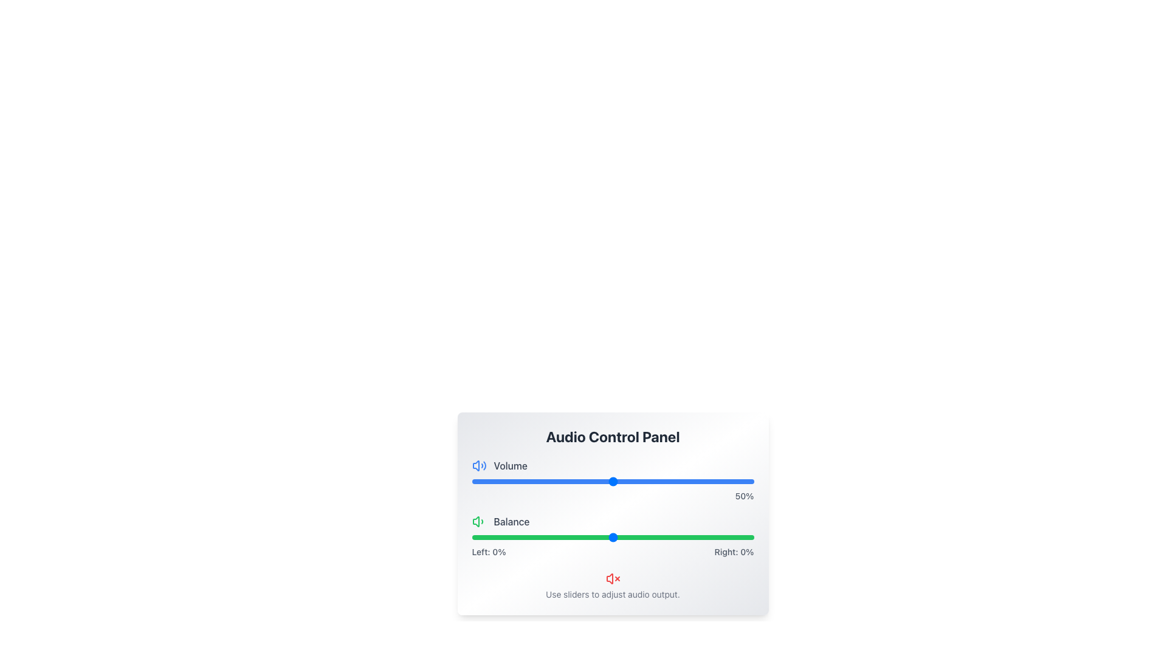  I want to click on text content of the text label displaying 'Left: 0%' and 'Right: 0%' beneath the green 'Balance' slider in the Audio Control Panel, so click(613, 552).